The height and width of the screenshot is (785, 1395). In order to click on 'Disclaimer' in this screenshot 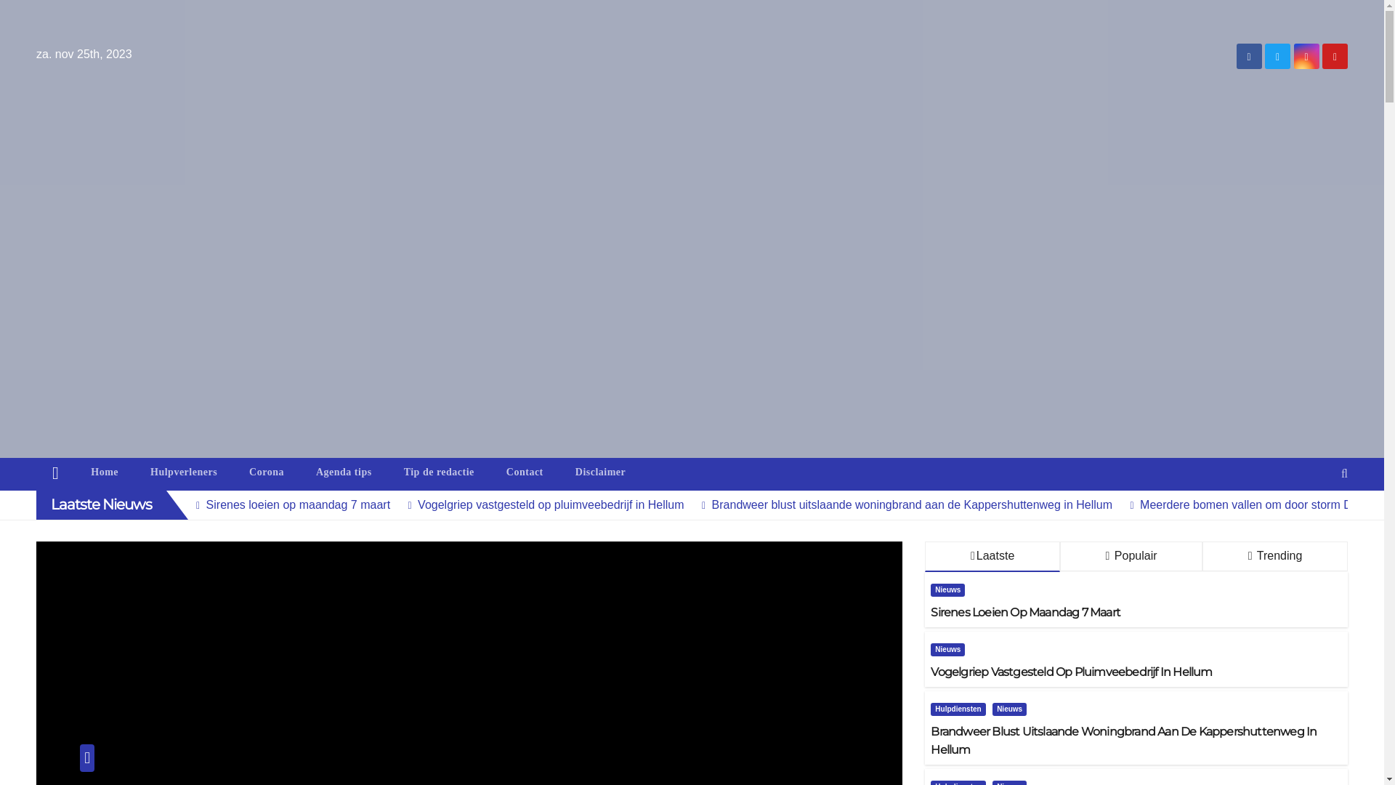, I will do `click(600, 472)`.